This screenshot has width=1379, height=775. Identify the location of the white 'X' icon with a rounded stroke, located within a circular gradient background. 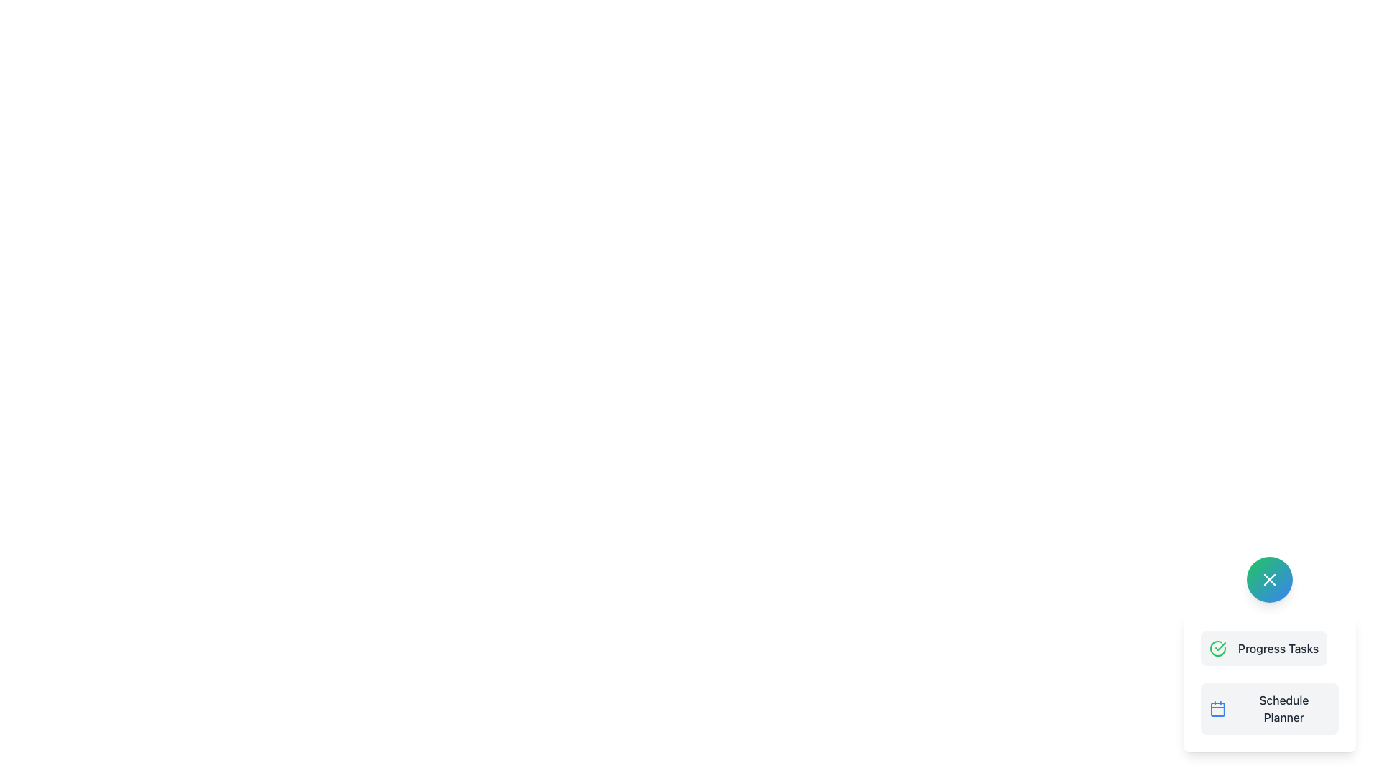
(1269, 578).